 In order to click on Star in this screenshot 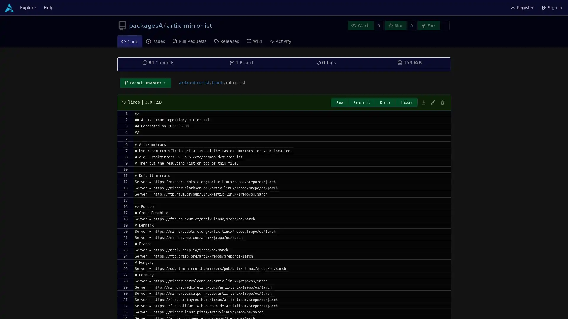, I will do `click(396, 25)`.